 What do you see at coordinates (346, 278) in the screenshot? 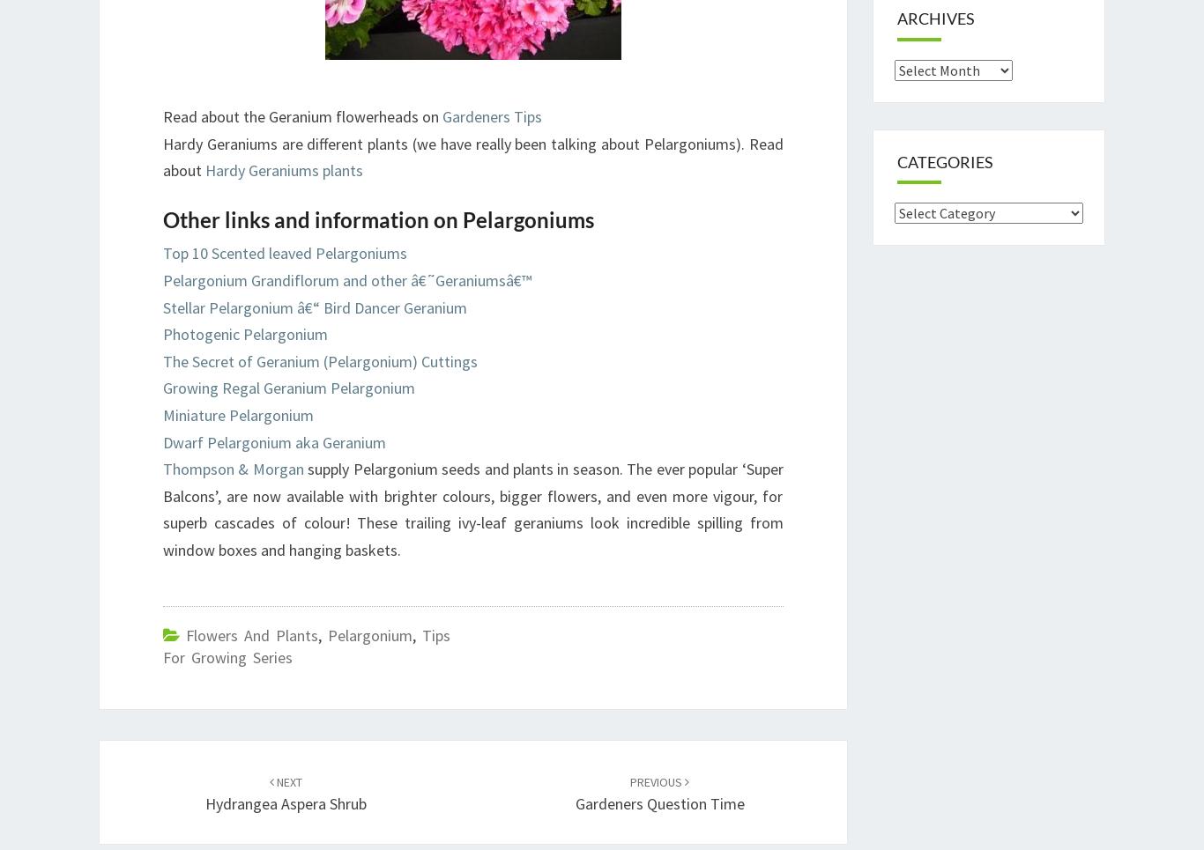
I see `'Pelargonium Grandiflorum and other â€˜Geraniumsâ€™'` at bounding box center [346, 278].